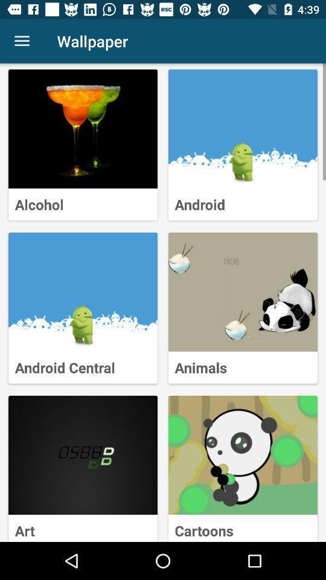 The height and width of the screenshot is (580, 326). Describe the element at coordinates (22, 41) in the screenshot. I see `item next to the wallpaper` at that location.